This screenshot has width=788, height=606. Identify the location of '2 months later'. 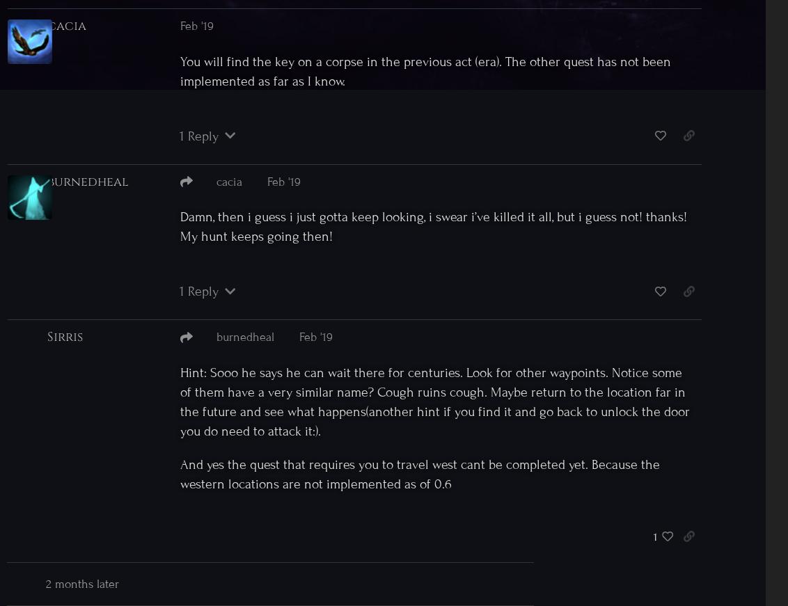
(81, 584).